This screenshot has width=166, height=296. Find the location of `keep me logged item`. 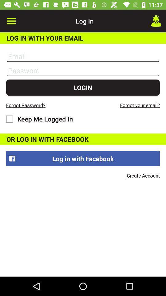

keep me logged item is located at coordinates (39, 118).